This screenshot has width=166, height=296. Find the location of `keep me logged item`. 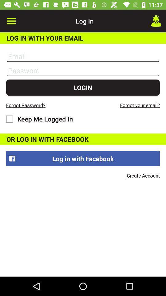

keep me logged item is located at coordinates (39, 118).